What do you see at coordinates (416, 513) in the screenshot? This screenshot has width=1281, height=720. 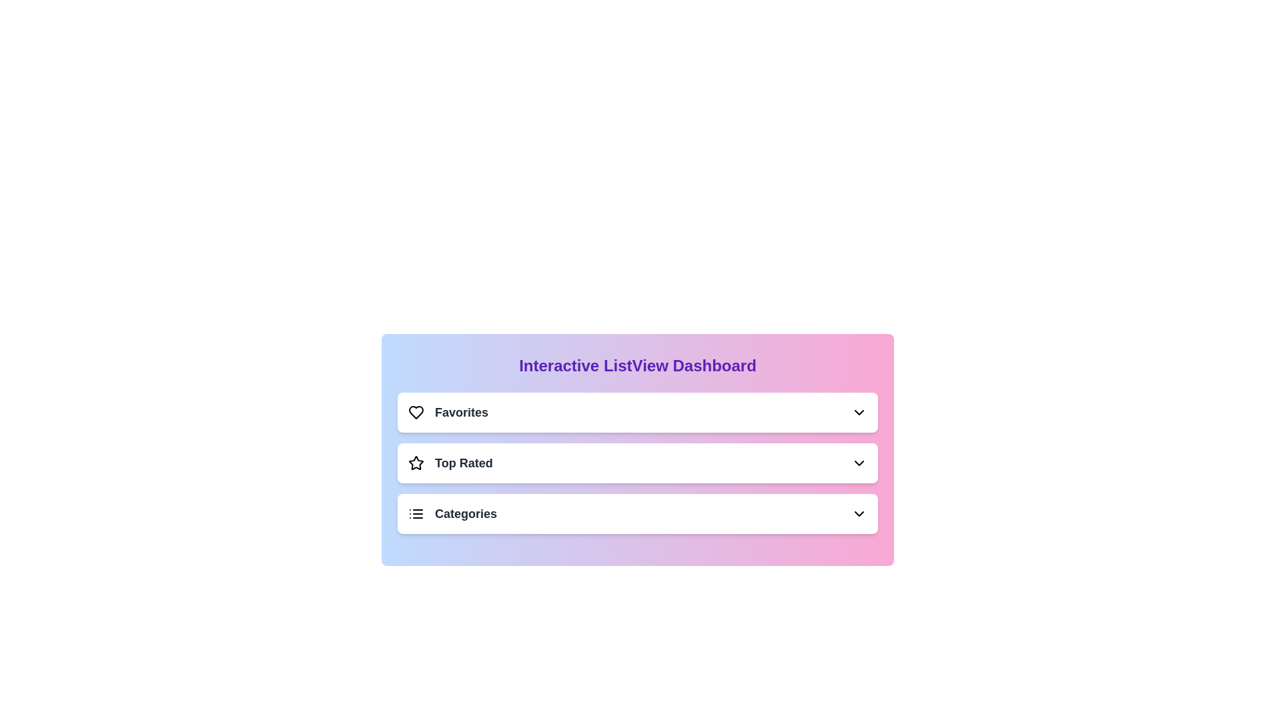 I see `the icon corresponding to Categories in the list` at bounding box center [416, 513].